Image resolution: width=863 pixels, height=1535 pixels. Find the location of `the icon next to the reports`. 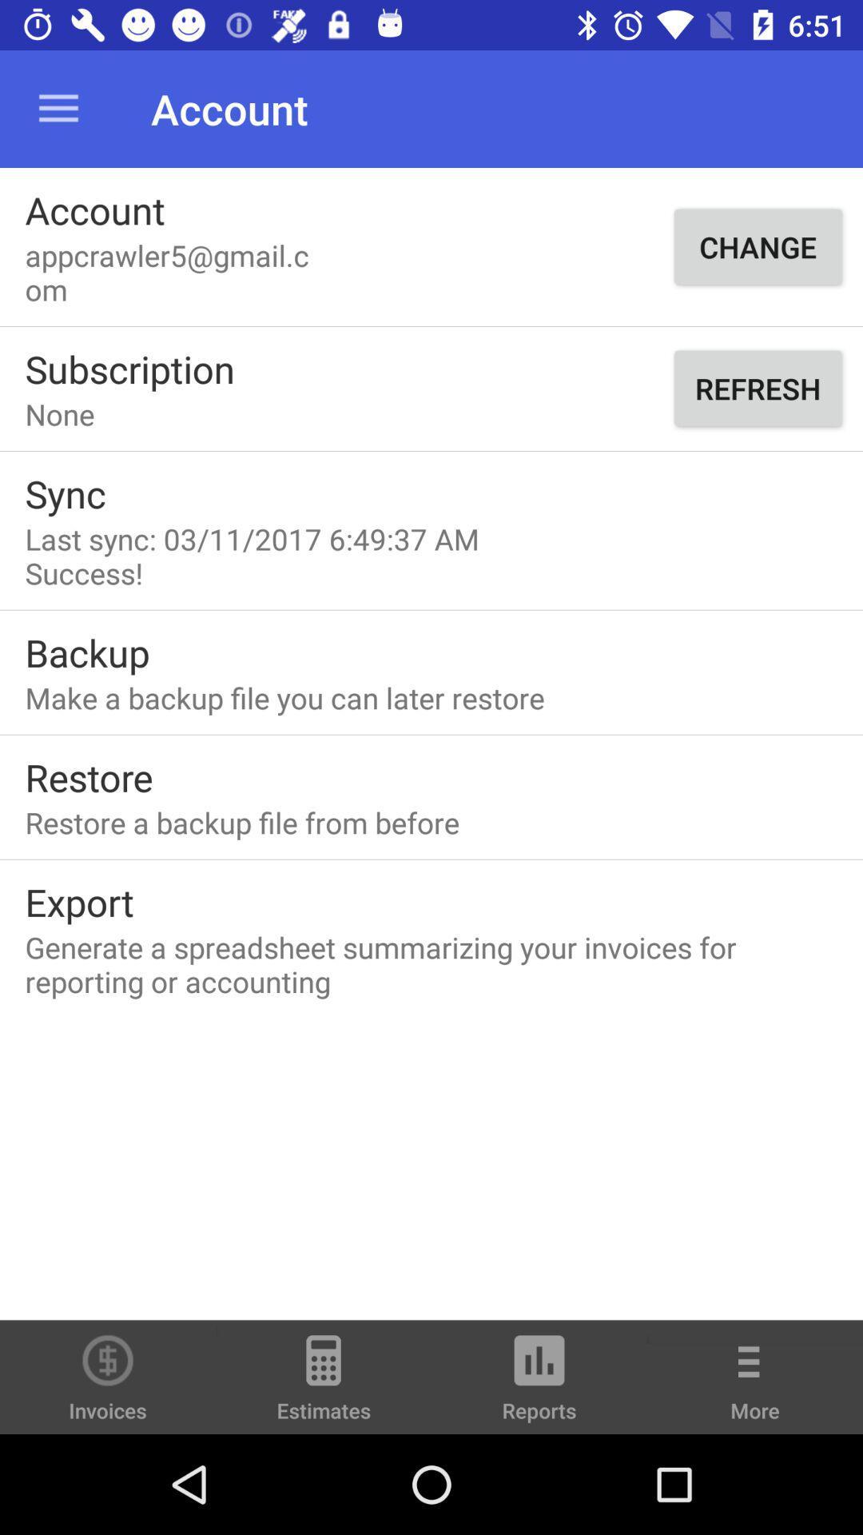

the icon next to the reports is located at coordinates (755, 1388).